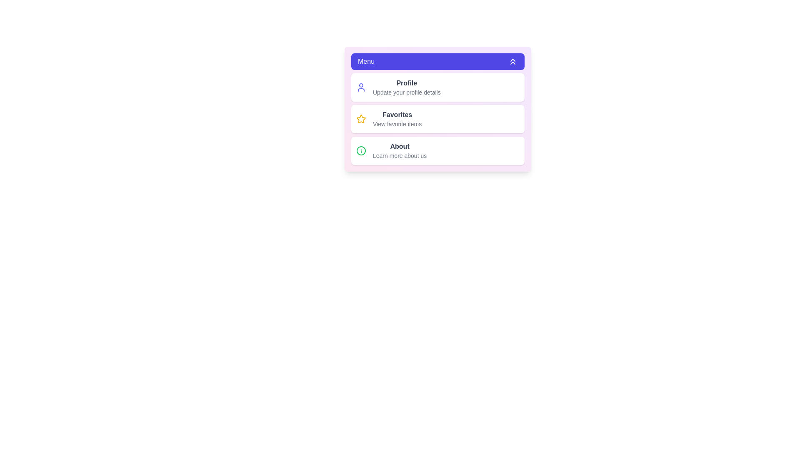  Describe the element at coordinates (437, 61) in the screenshot. I see `the menu button to toggle the menu visibility` at that location.